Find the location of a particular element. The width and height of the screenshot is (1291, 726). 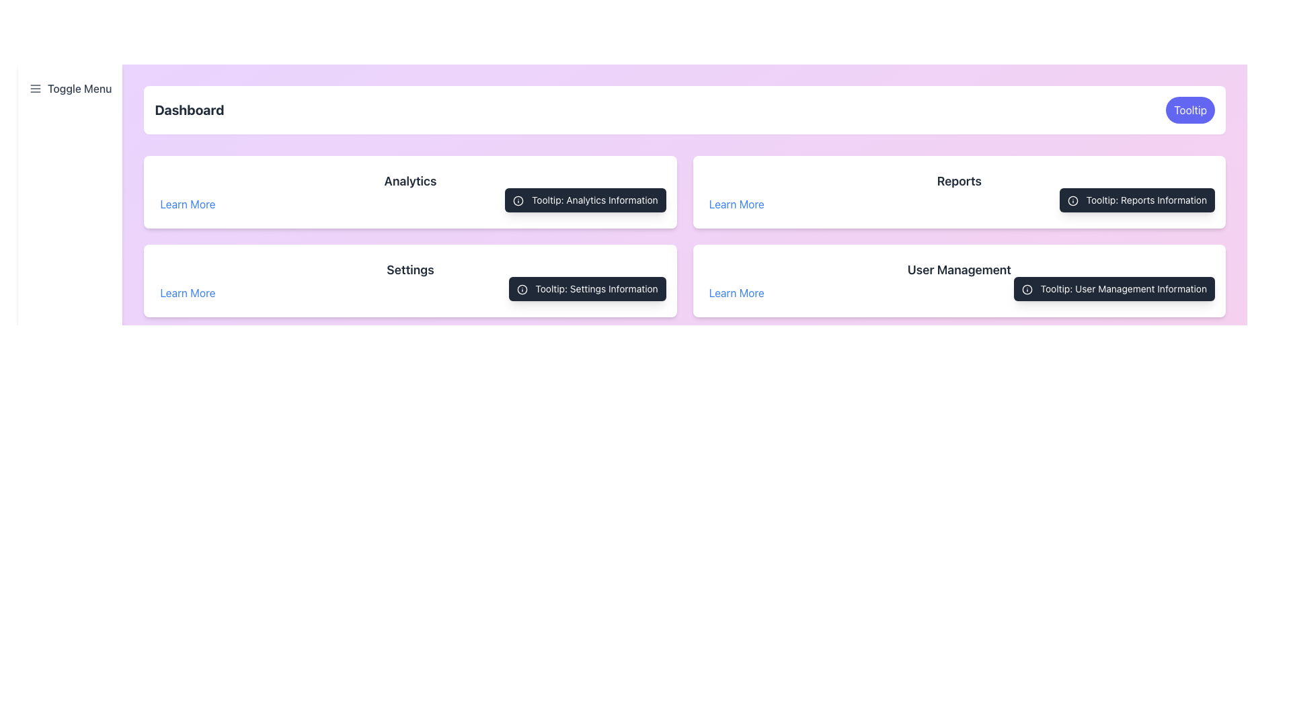

the text label displaying 'Analytics' in bold, dark gray font located within the white card component is located at coordinates (409, 182).